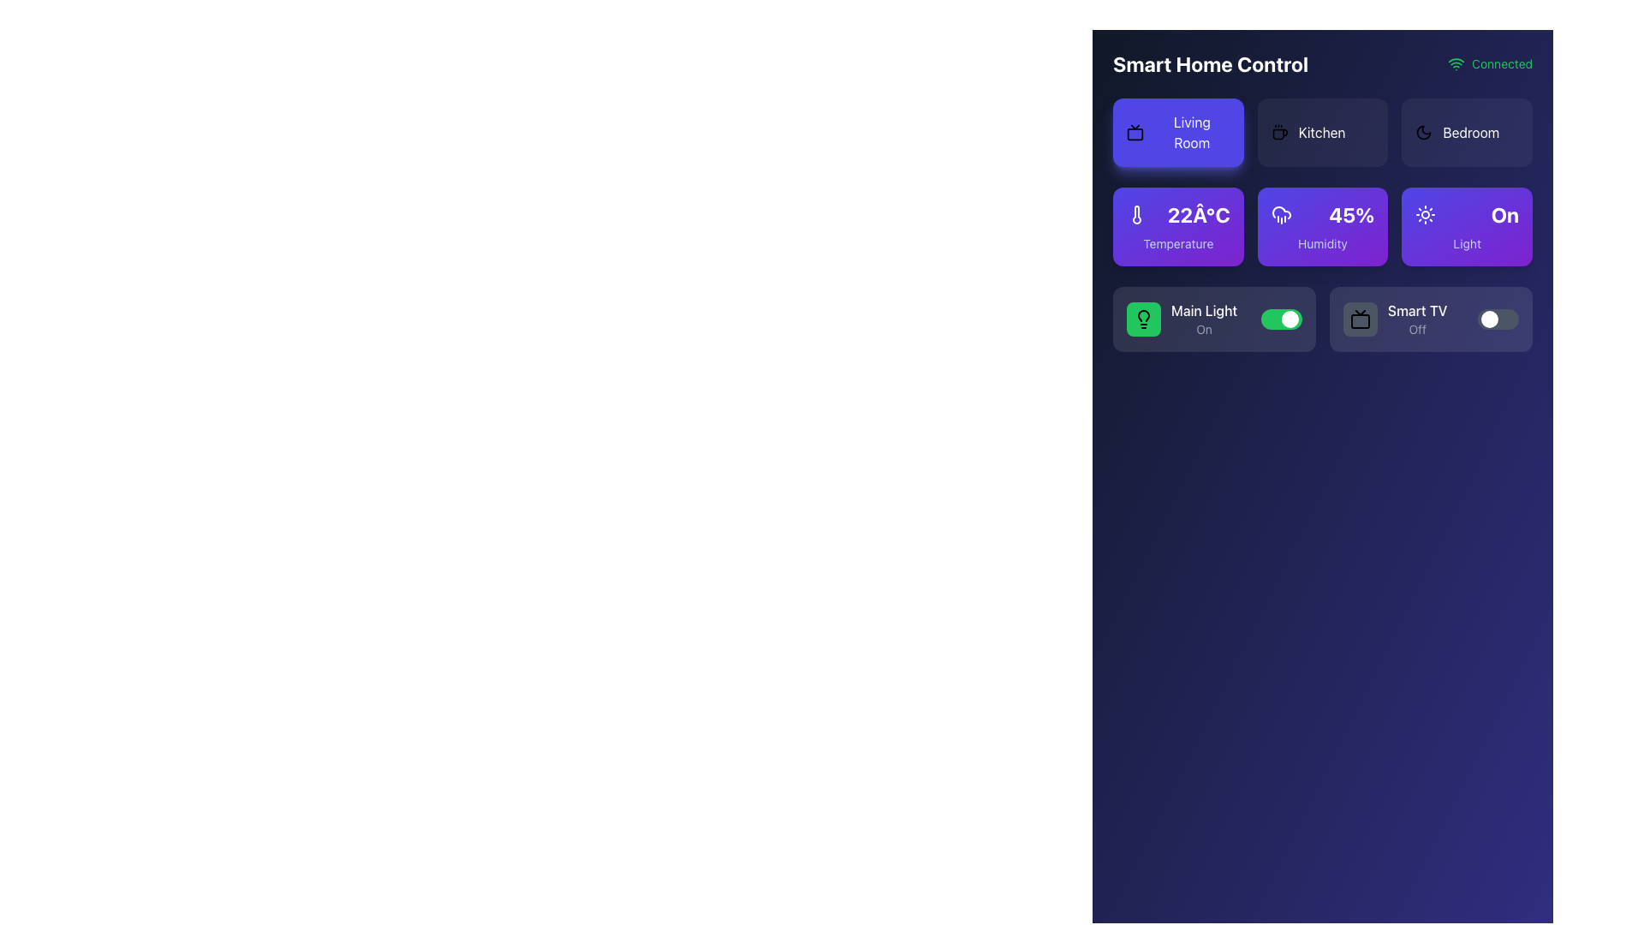 The width and height of the screenshot is (1644, 925). I want to click on the 'Connected' text label, which is styled in green and located to the right of the Wi-Fi icon in the top section of the interface, so click(1501, 63).